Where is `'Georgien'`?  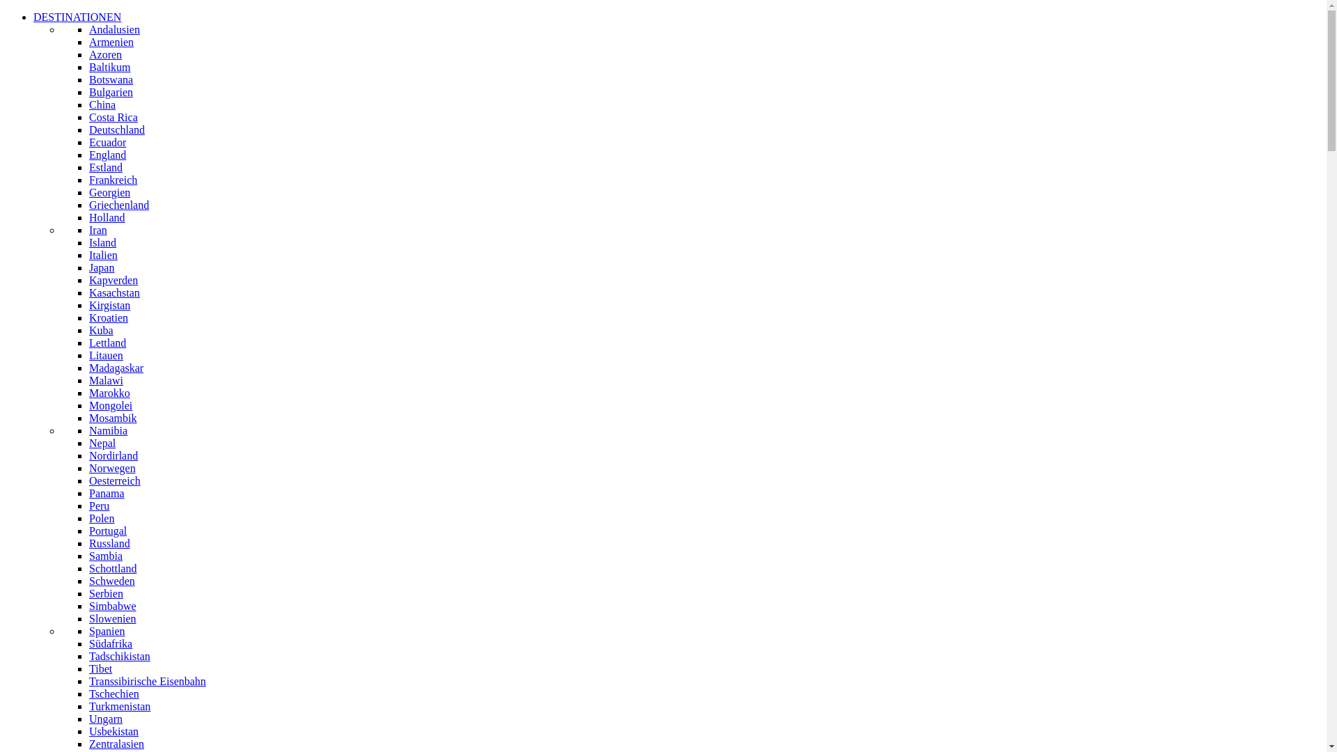
'Georgien' is located at coordinates (88, 192).